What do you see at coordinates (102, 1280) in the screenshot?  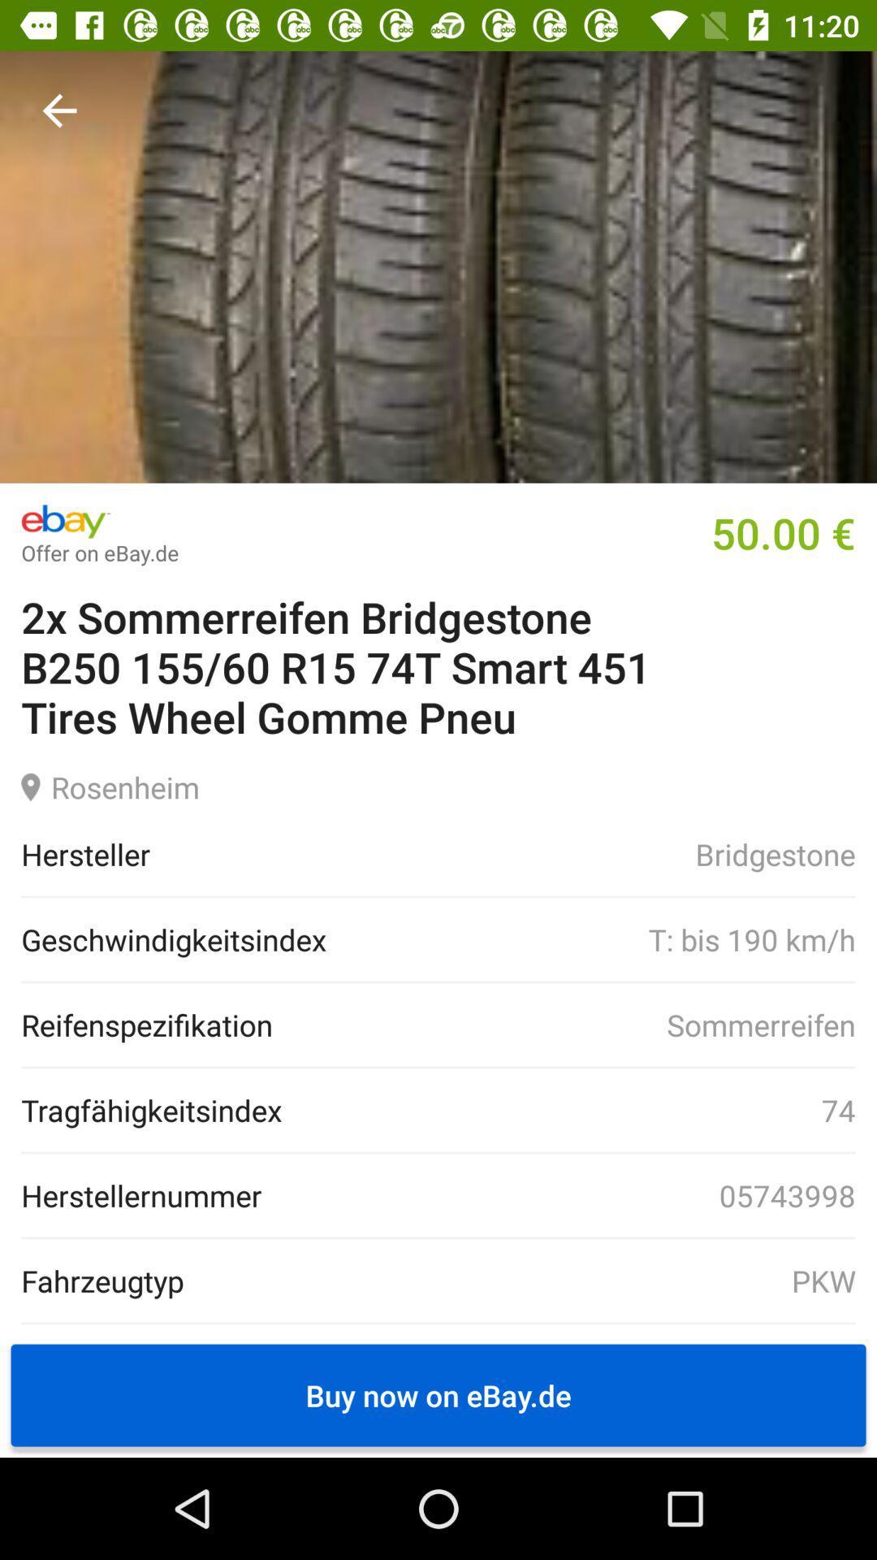 I see `the item next to pkw` at bounding box center [102, 1280].